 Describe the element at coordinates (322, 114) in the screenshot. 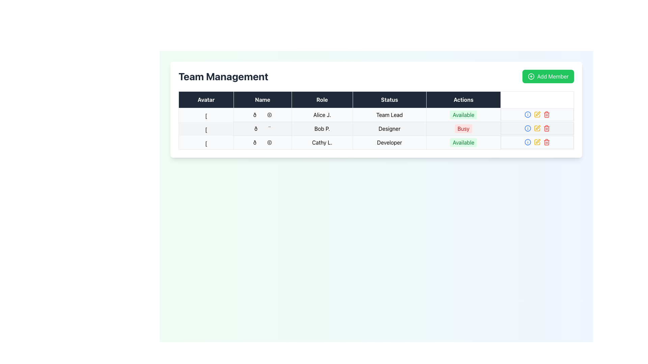

I see `the text label displaying 'Alice J.' which is located in the 'Role' column of the table, positioned between the 'Name' and 'Status' fields` at that location.